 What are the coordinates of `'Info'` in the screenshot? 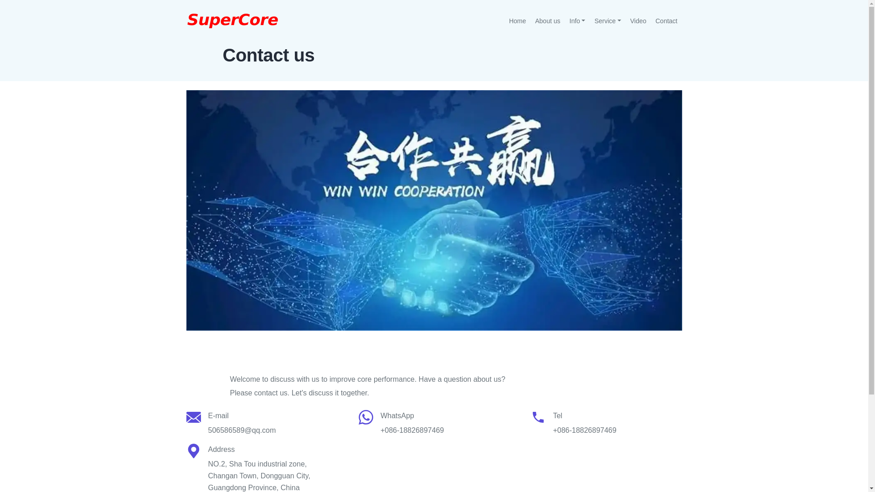 It's located at (577, 20).